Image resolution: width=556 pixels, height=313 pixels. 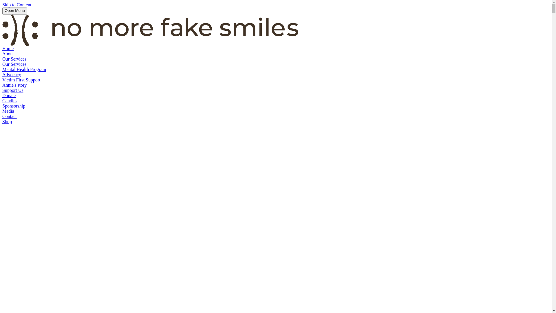 I want to click on 'Sponsorship', so click(x=14, y=106).